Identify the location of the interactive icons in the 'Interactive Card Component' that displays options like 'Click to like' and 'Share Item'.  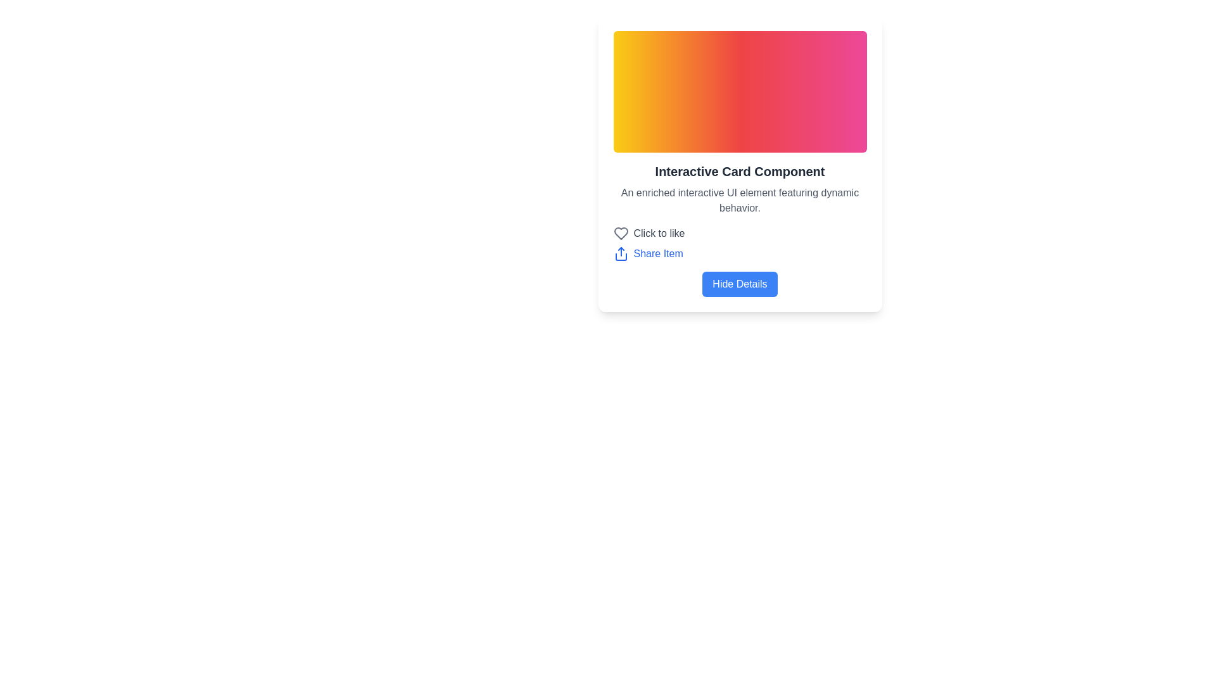
(740, 229).